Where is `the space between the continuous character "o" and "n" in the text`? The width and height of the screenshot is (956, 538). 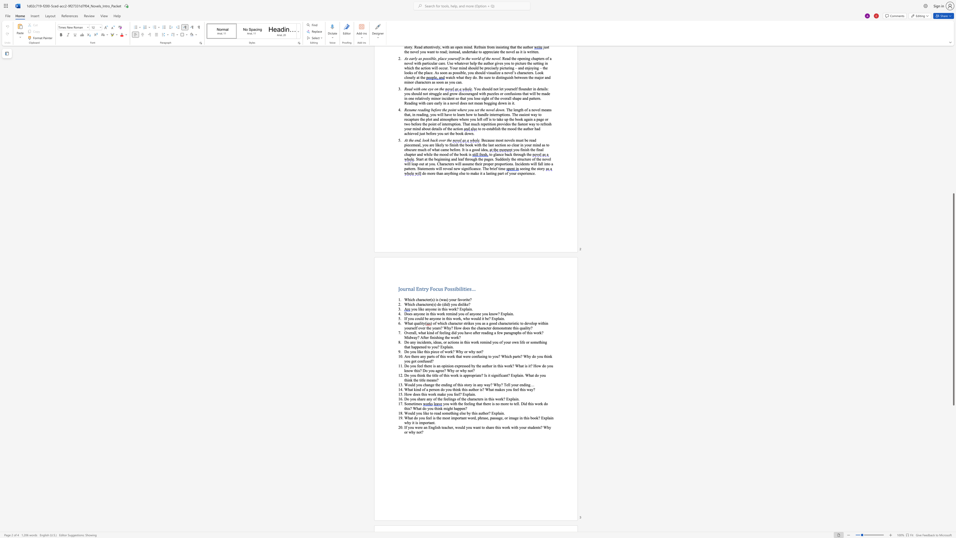 the space between the continuous character "o" and "n" in the text is located at coordinates (501, 327).